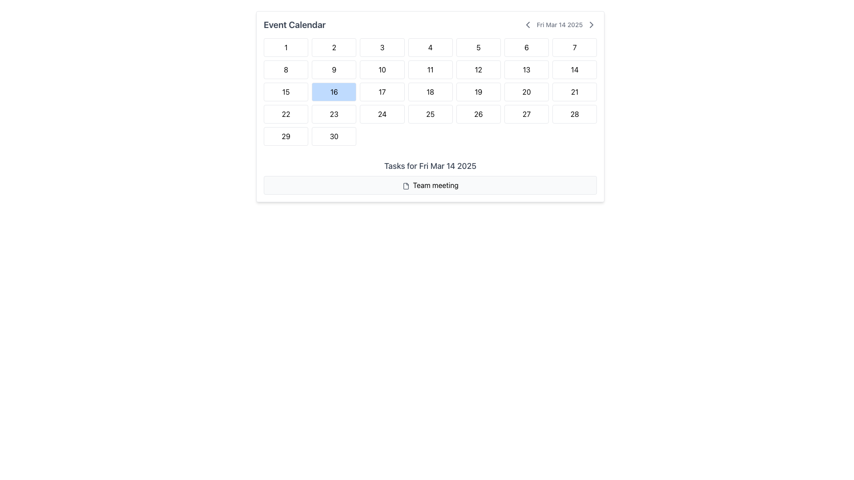 Image resolution: width=854 pixels, height=480 pixels. I want to click on the button labeled '10' in the Event Calendar, located in the second row and third column of the grid, to trigger potential hover effects, so click(382, 69).